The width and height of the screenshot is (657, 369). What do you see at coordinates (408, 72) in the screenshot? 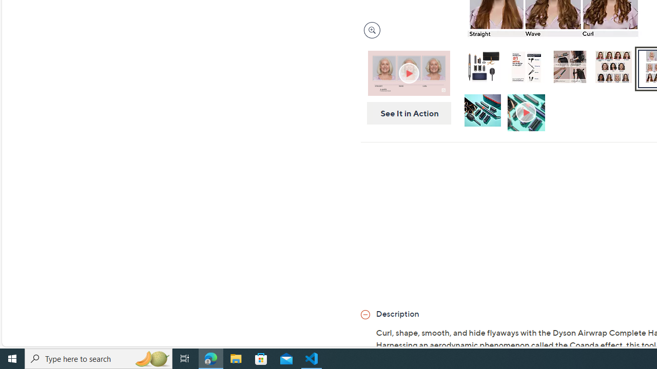
I see `'On-Air Presentation'` at bounding box center [408, 72].